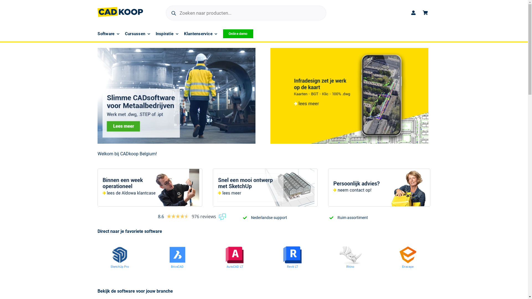 The image size is (532, 299). What do you see at coordinates (411, 267) in the screenshot?
I see `'Enscape'` at bounding box center [411, 267].